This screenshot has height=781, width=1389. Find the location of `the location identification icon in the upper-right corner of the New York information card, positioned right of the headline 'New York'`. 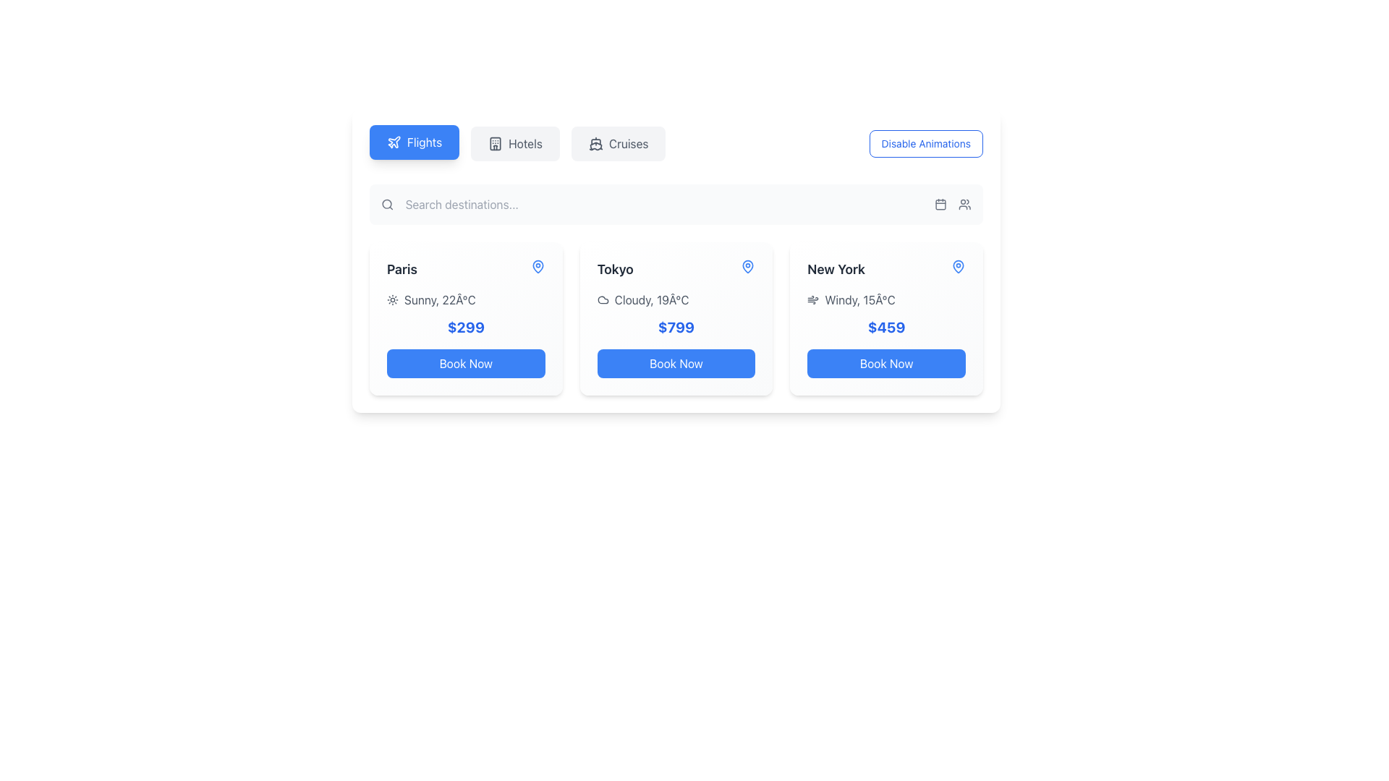

the location identification icon in the upper-right corner of the New York information card, positioned right of the headline 'New York' is located at coordinates (958, 267).